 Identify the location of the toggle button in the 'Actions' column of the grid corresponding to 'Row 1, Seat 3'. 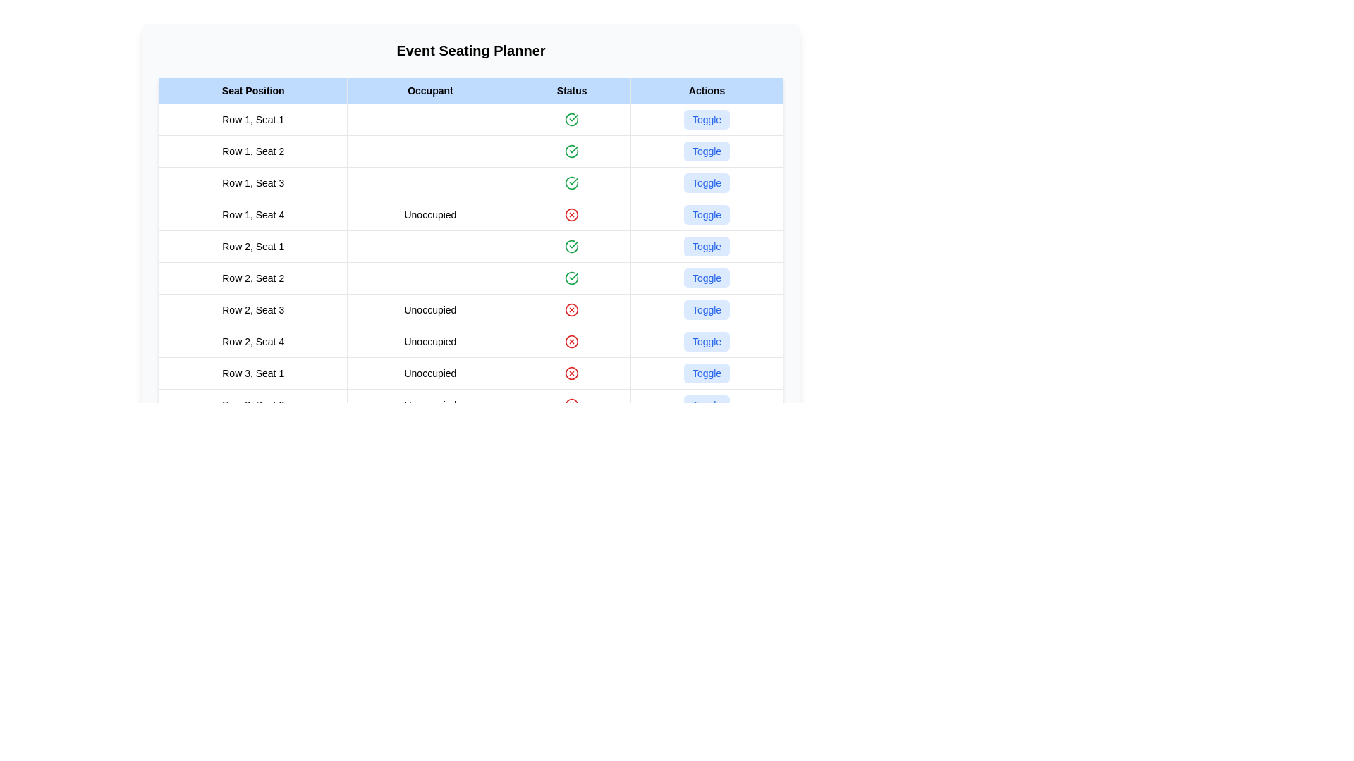
(707, 182).